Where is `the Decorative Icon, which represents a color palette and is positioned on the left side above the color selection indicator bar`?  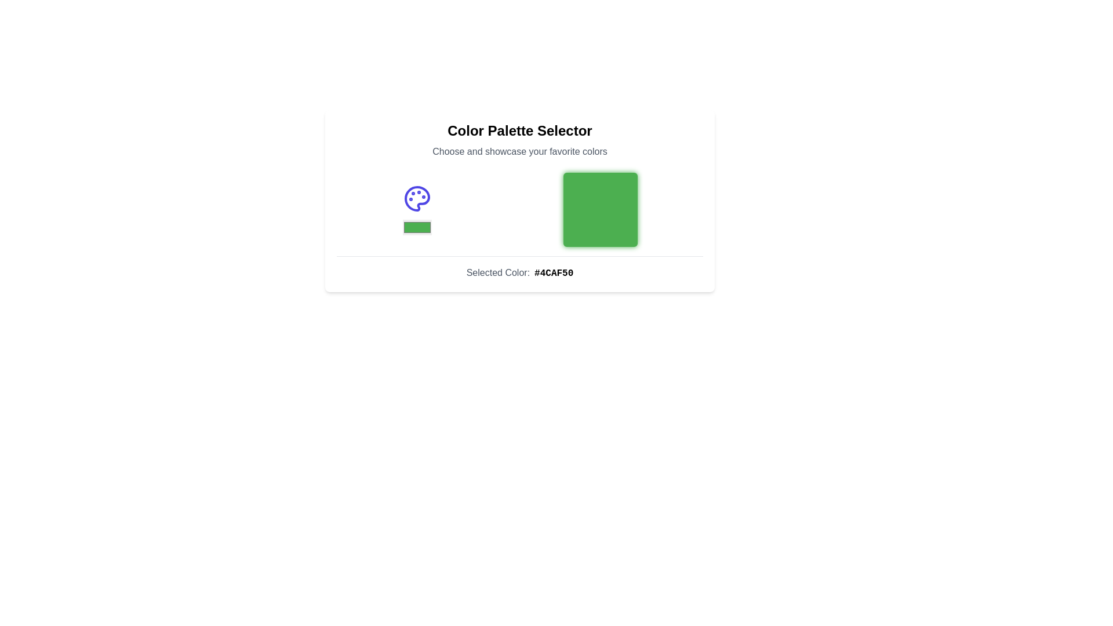 the Decorative Icon, which represents a color palette and is positioned on the left side above the color selection indicator bar is located at coordinates (417, 198).